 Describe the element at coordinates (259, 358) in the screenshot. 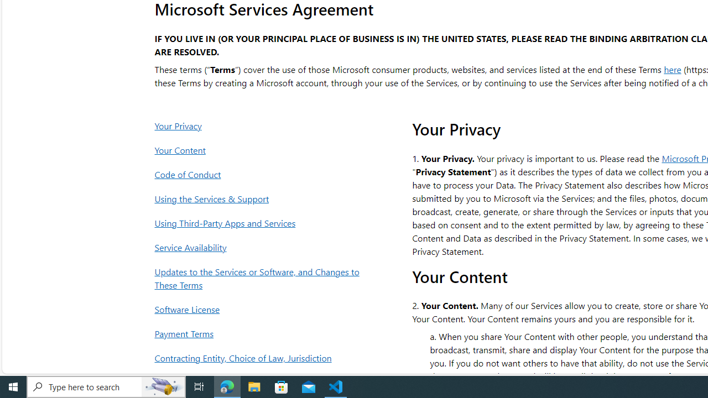

I see `'Contracting Entity, Choice of Law, Jurisdiction'` at that location.